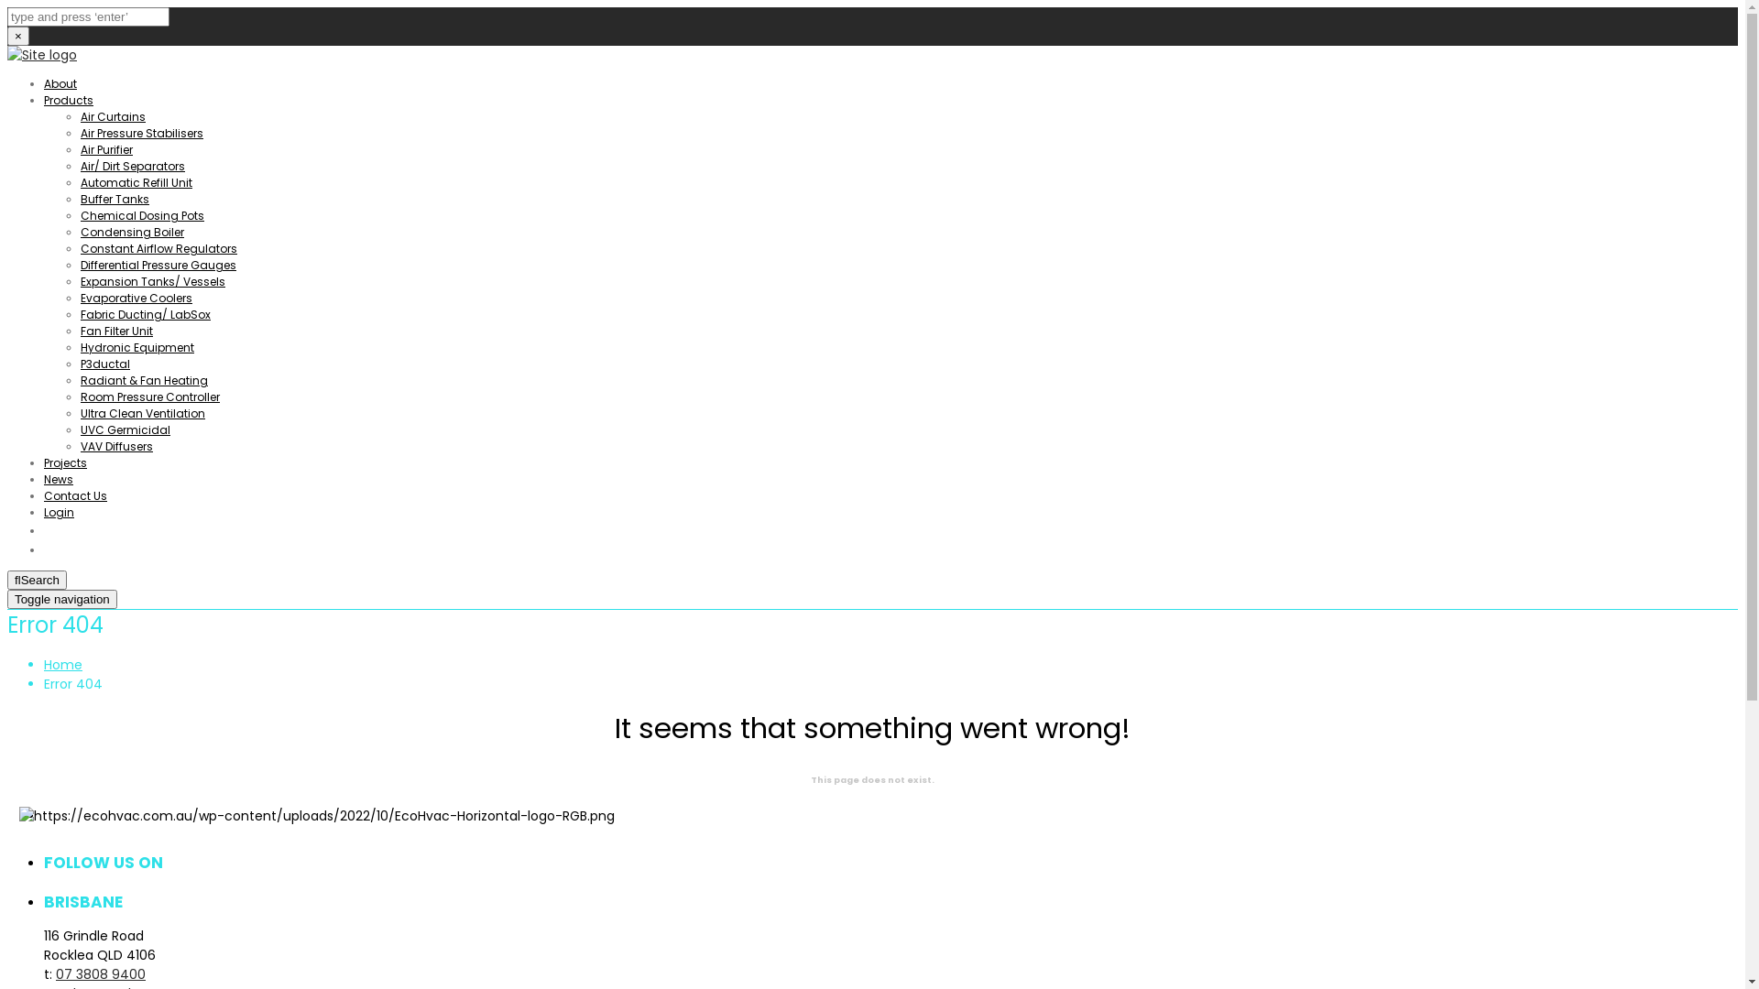 This screenshot has width=1759, height=989. I want to click on 'Search', so click(37, 580).